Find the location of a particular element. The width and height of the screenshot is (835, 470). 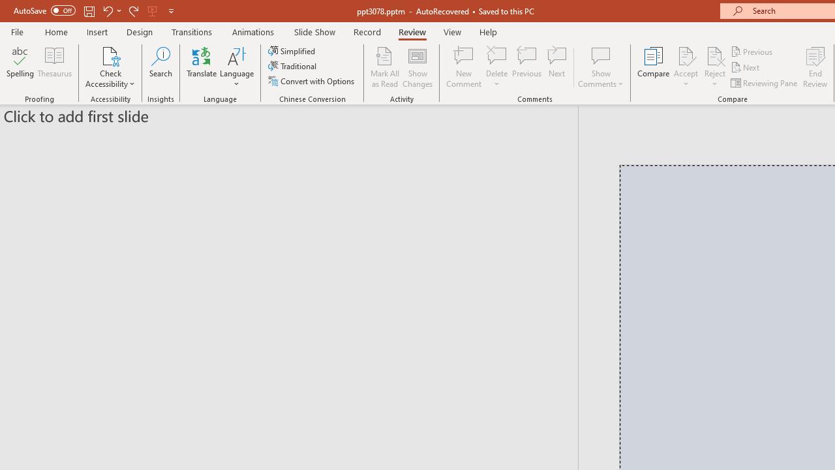

'Spelling...' is located at coordinates (20, 67).